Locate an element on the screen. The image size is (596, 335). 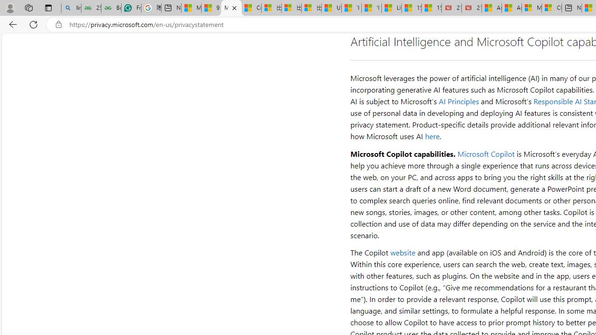
'Lifestyle - MSN' is located at coordinates (391, 8).